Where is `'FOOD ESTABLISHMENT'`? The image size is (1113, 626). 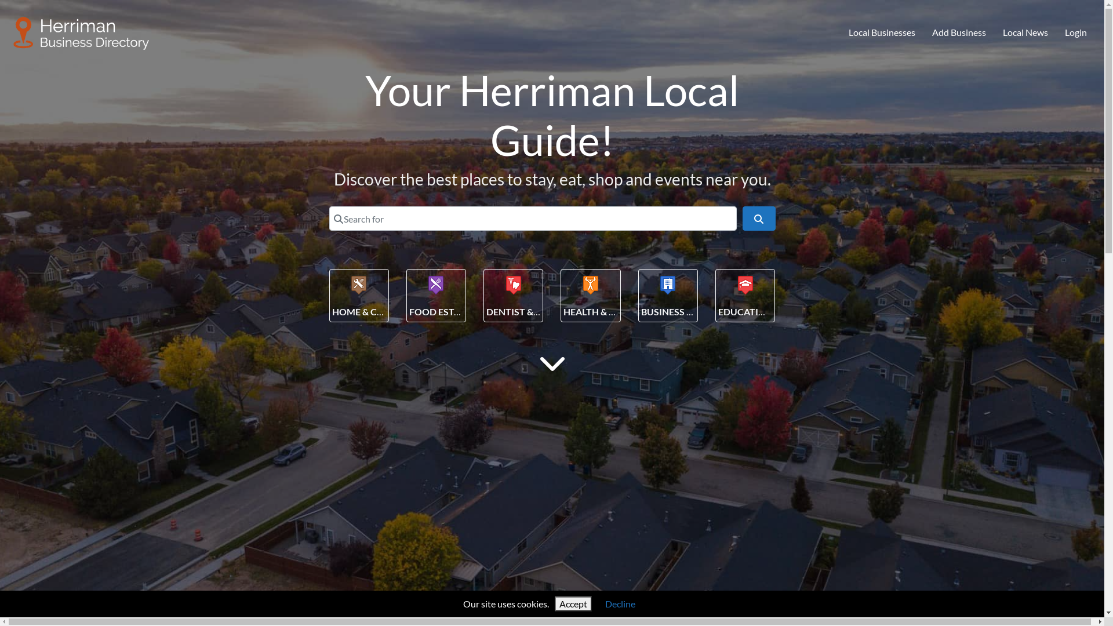
'FOOD ESTABLISHMENT' is located at coordinates (460, 311).